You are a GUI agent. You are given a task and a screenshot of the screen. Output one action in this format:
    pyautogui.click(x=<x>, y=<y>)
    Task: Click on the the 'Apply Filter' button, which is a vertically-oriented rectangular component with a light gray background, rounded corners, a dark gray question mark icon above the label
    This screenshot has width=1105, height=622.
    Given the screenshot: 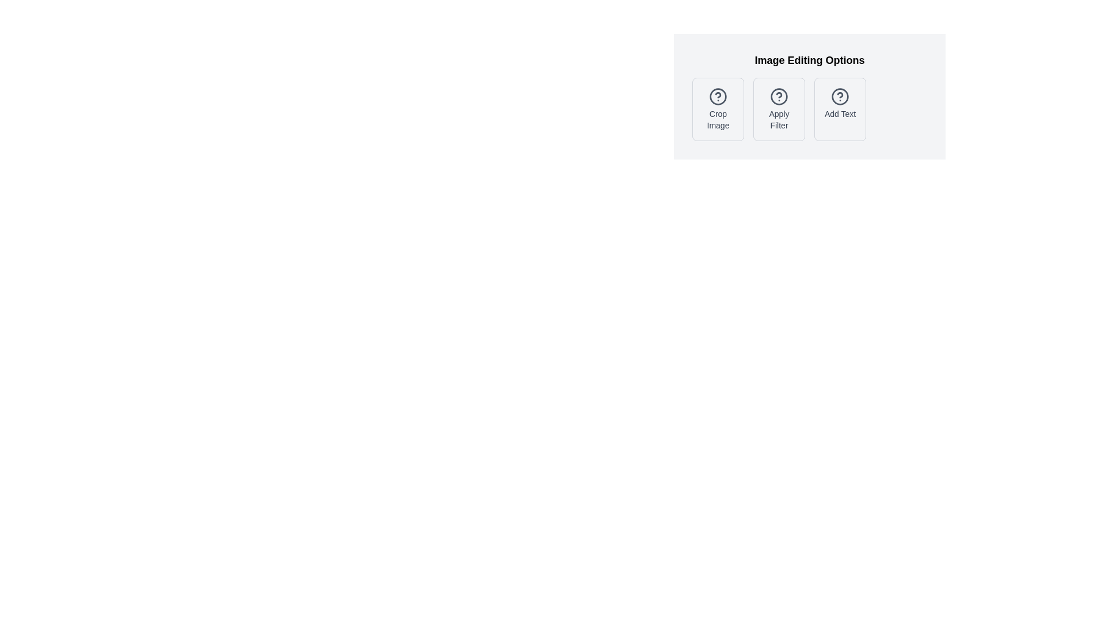 What is the action you would take?
    pyautogui.click(x=779, y=109)
    